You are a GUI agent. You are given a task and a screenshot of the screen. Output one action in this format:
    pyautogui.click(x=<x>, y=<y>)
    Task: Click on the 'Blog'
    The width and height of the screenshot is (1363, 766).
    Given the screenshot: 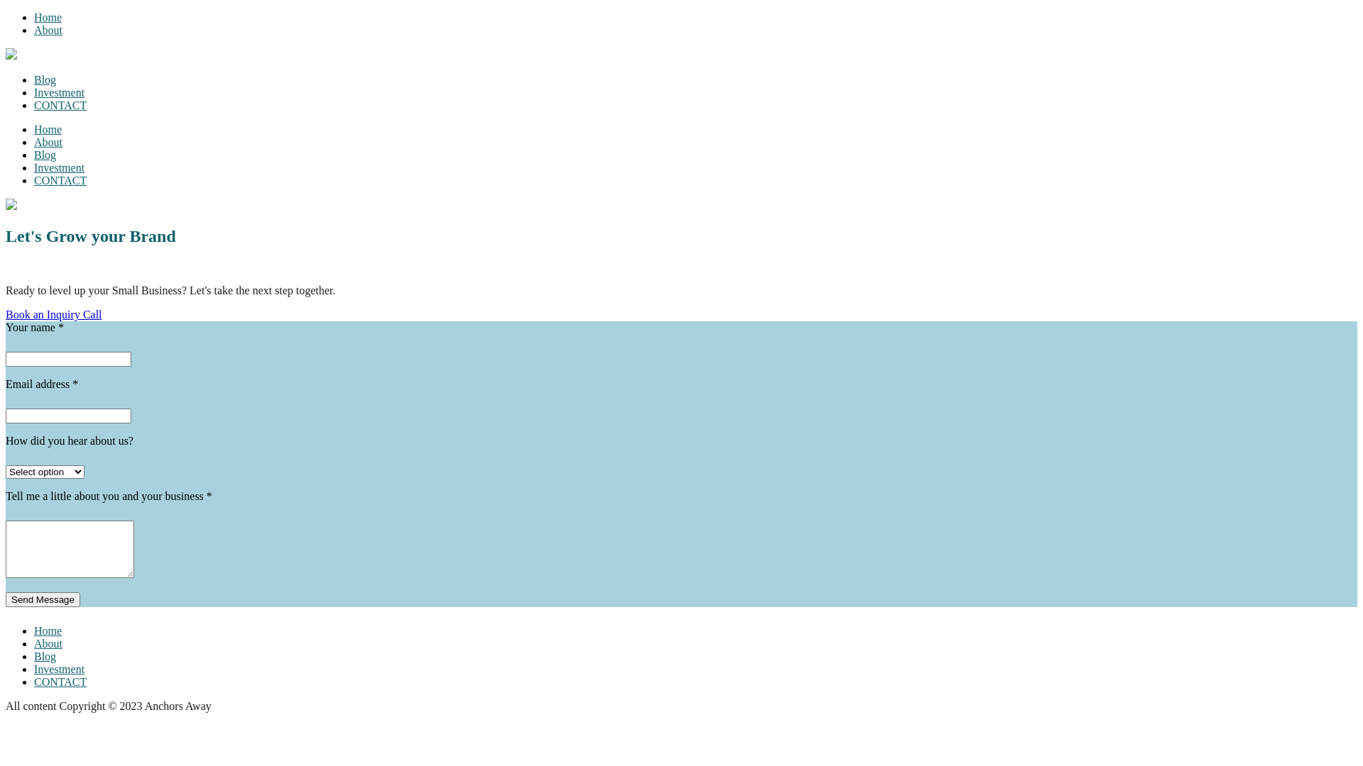 What is the action you would take?
    pyautogui.click(x=45, y=656)
    